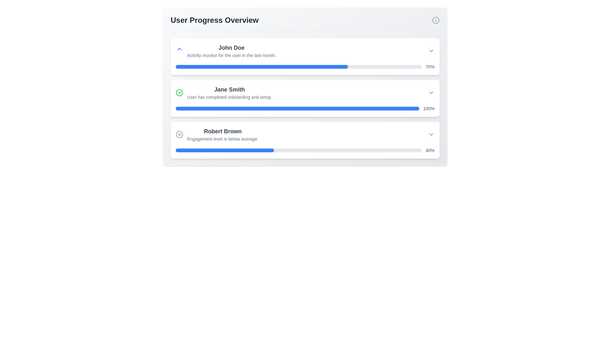  Describe the element at coordinates (179, 134) in the screenshot. I see `the gray circular icon with an 'X' next to the text 'Robert Brown' in the third row of user statuses` at that location.